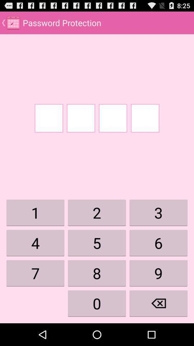 This screenshot has width=194, height=346. Describe the element at coordinates (158, 303) in the screenshot. I see `last option in last row` at that location.